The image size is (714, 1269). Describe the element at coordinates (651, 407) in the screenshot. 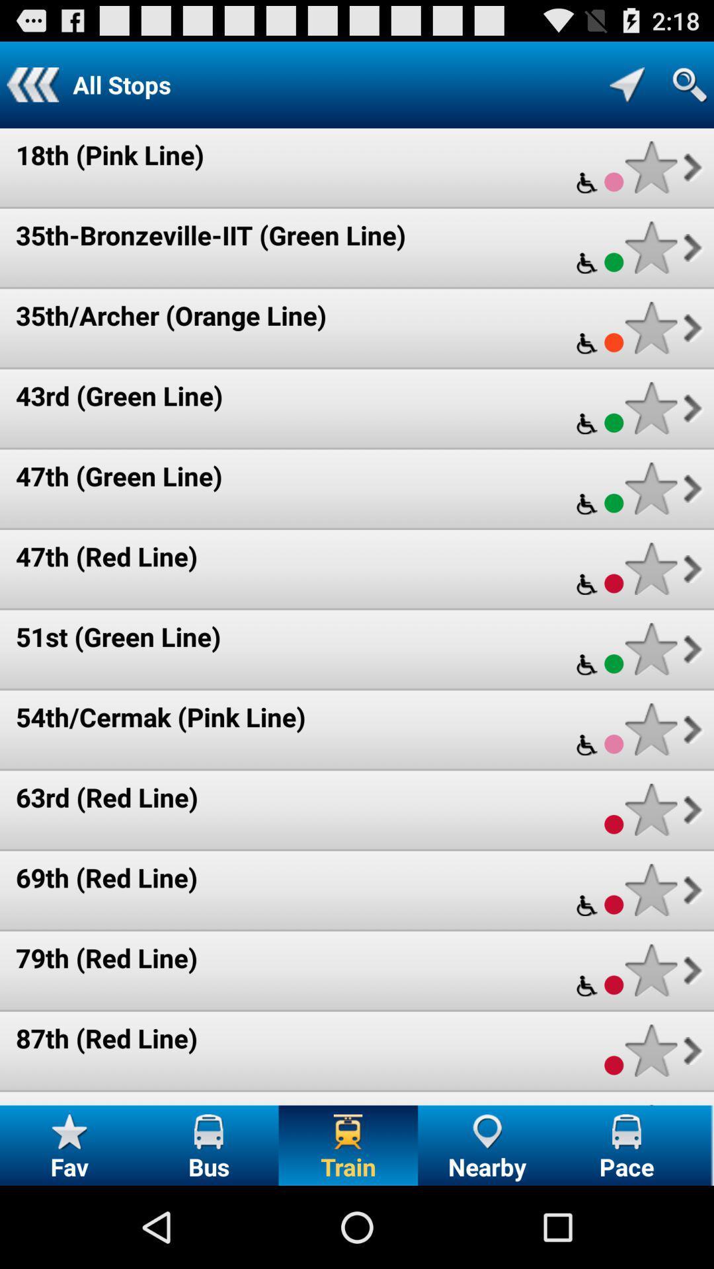

I see `to favorite` at that location.